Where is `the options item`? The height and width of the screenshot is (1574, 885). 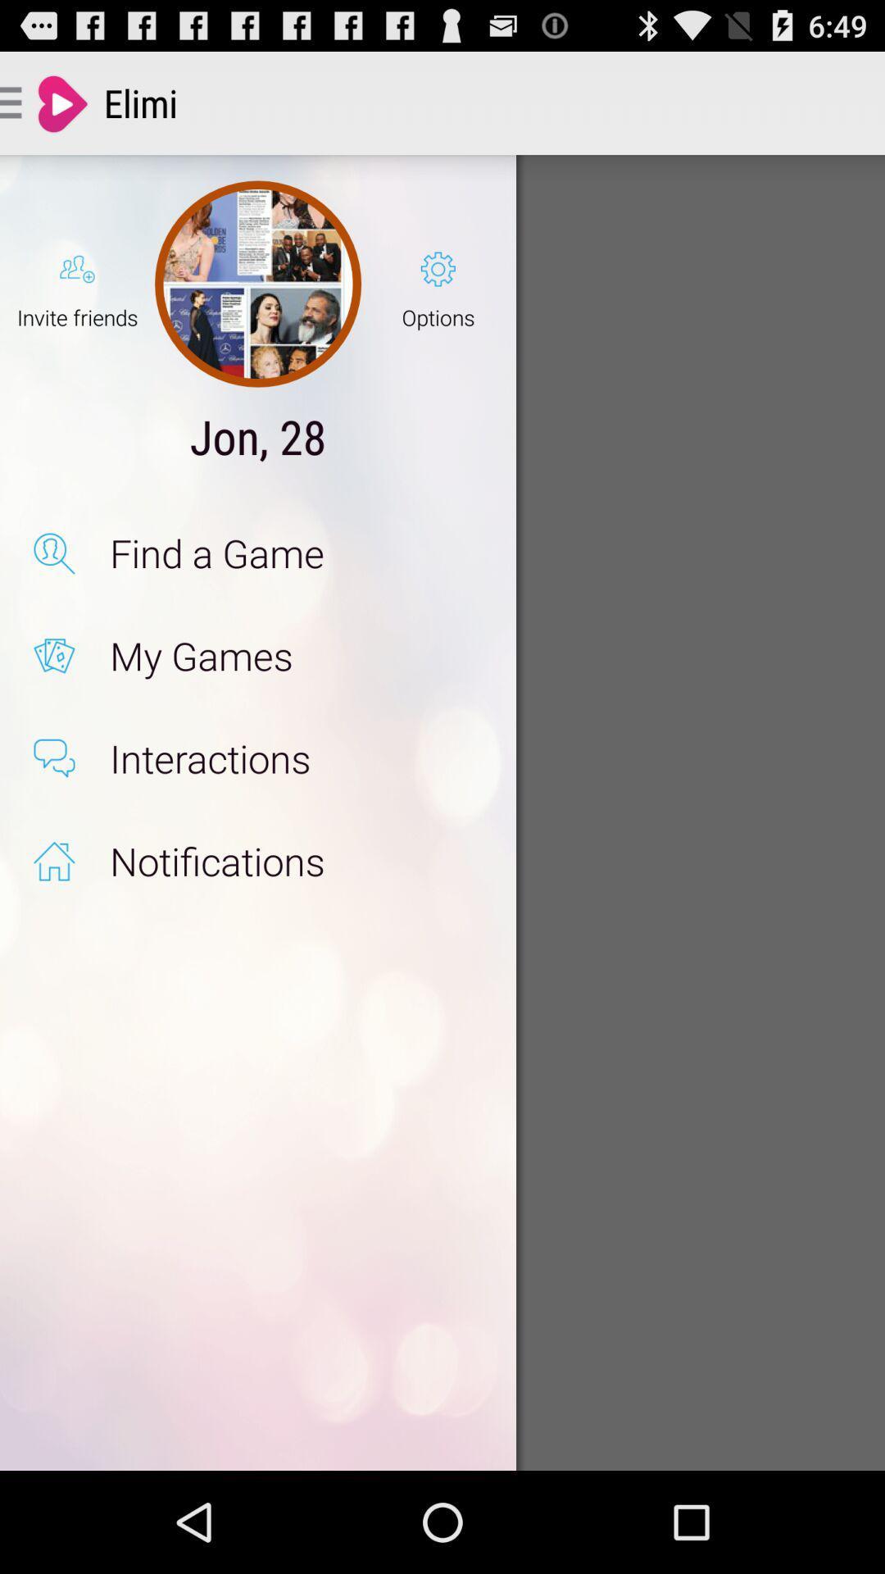
the options item is located at coordinates (438, 284).